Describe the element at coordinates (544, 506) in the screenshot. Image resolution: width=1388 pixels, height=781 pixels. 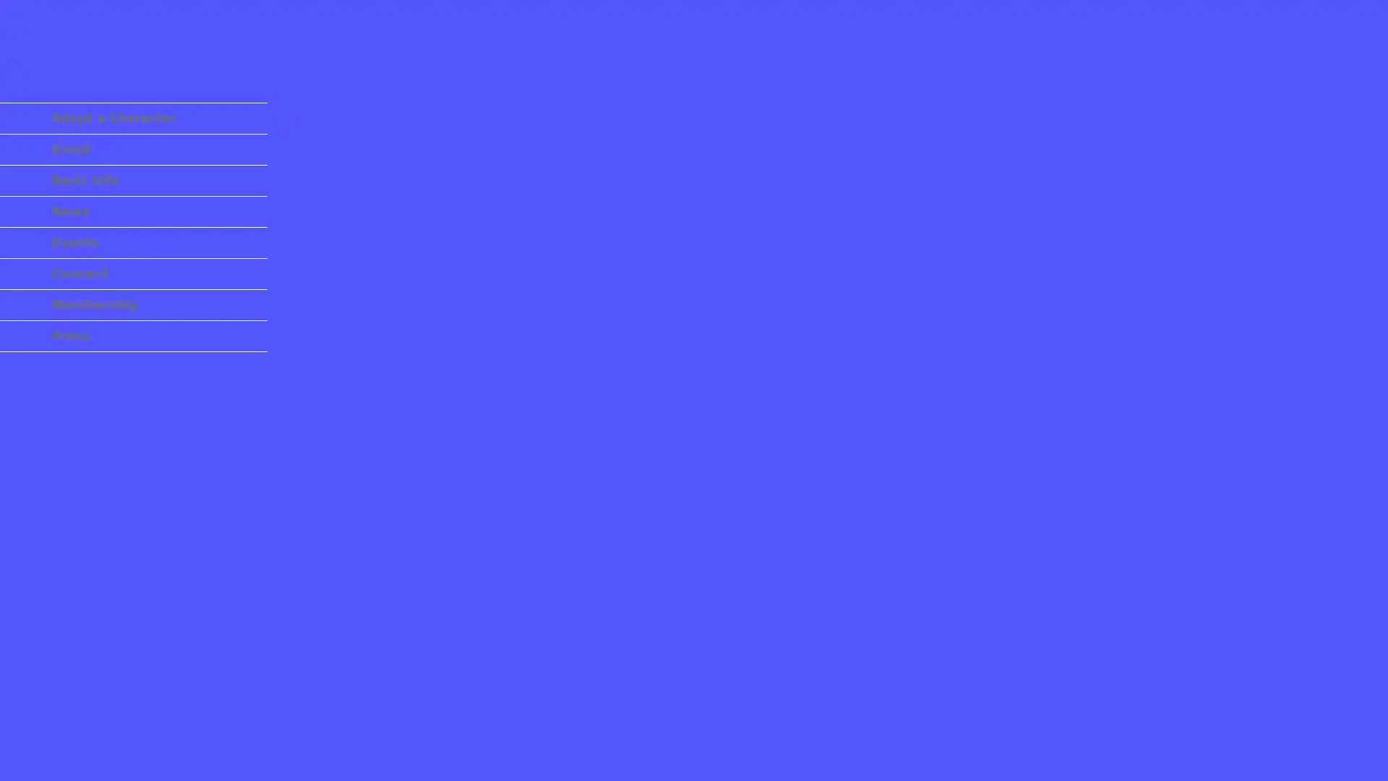
I see `U+0F5D` at that location.